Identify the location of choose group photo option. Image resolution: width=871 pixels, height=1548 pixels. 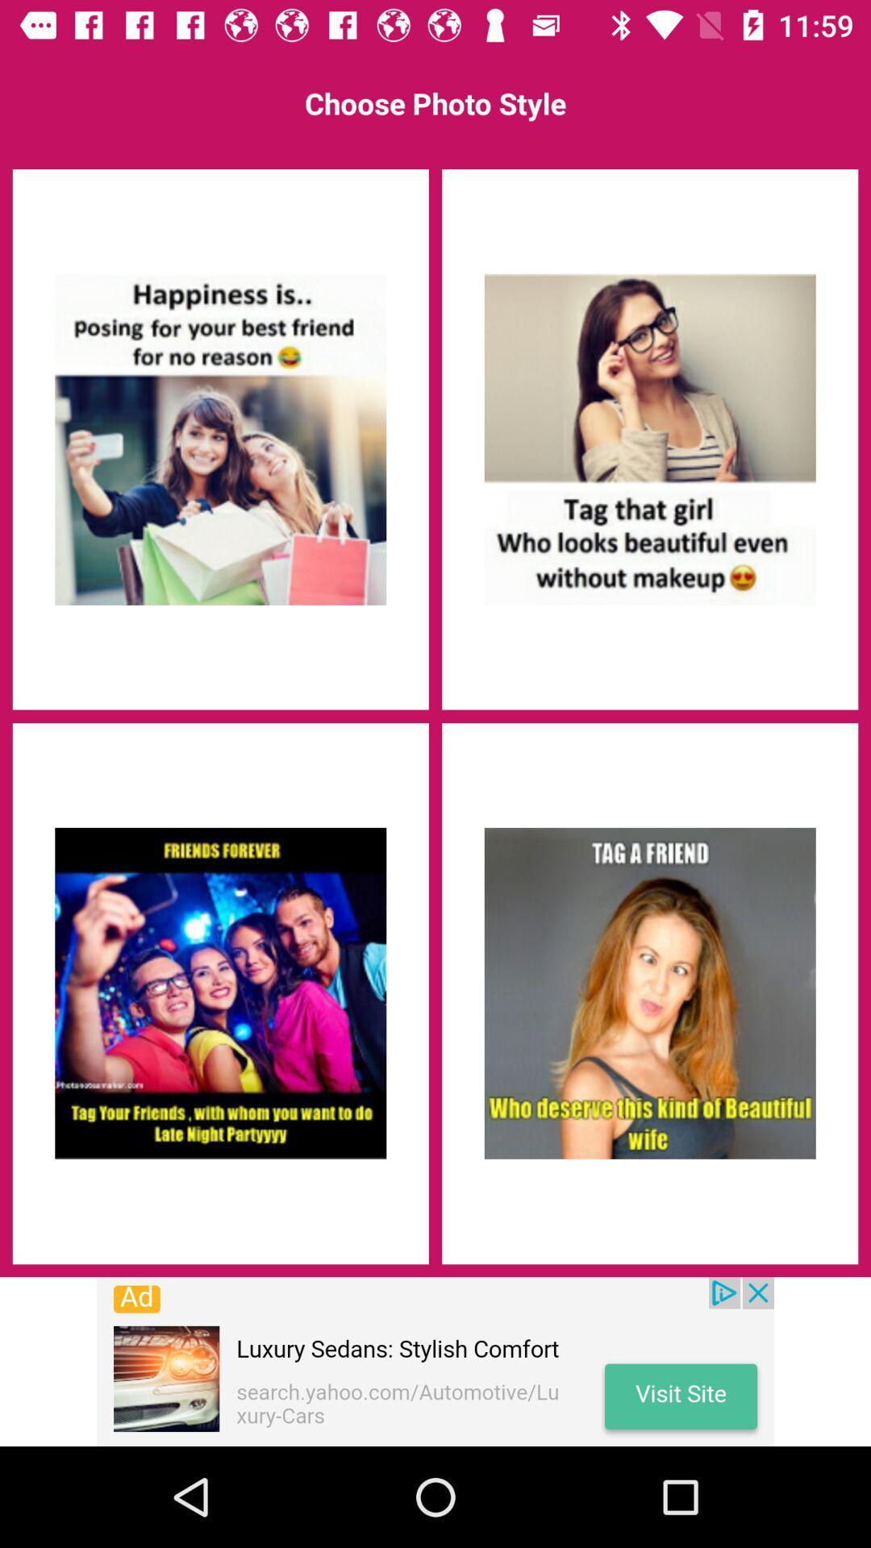
(220, 992).